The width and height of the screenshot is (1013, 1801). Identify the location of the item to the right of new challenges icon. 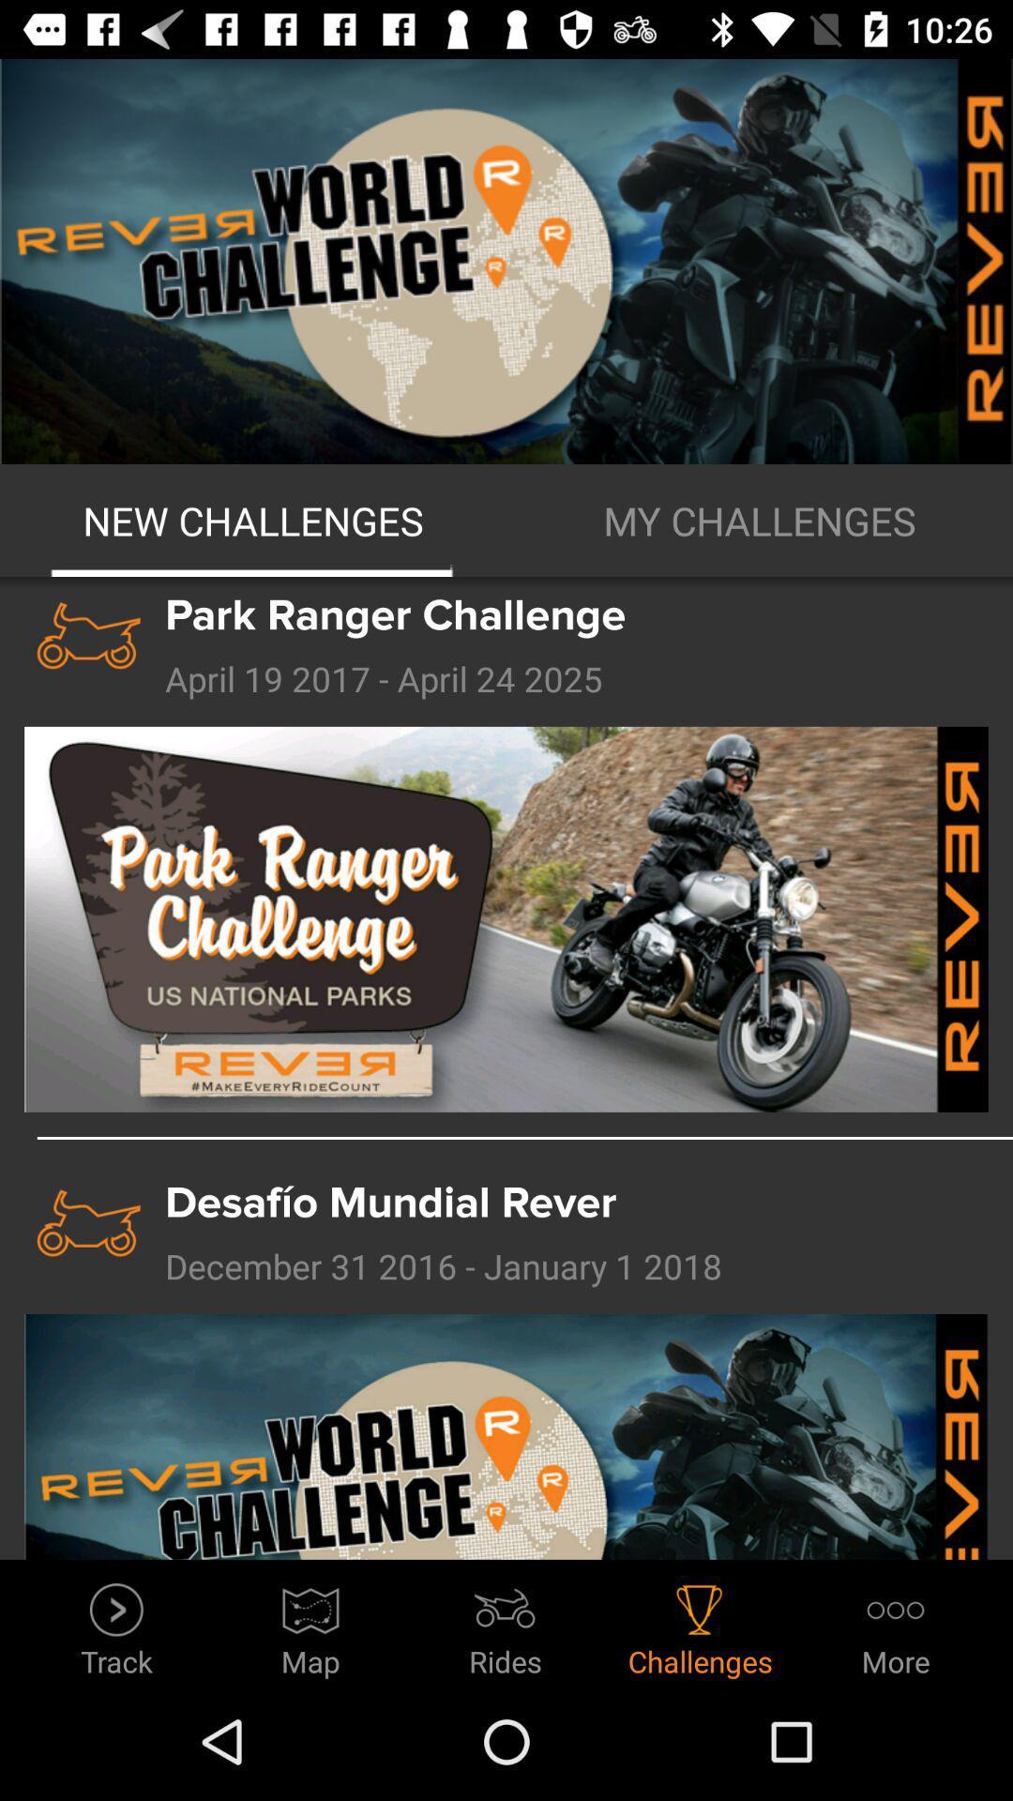
(760, 521).